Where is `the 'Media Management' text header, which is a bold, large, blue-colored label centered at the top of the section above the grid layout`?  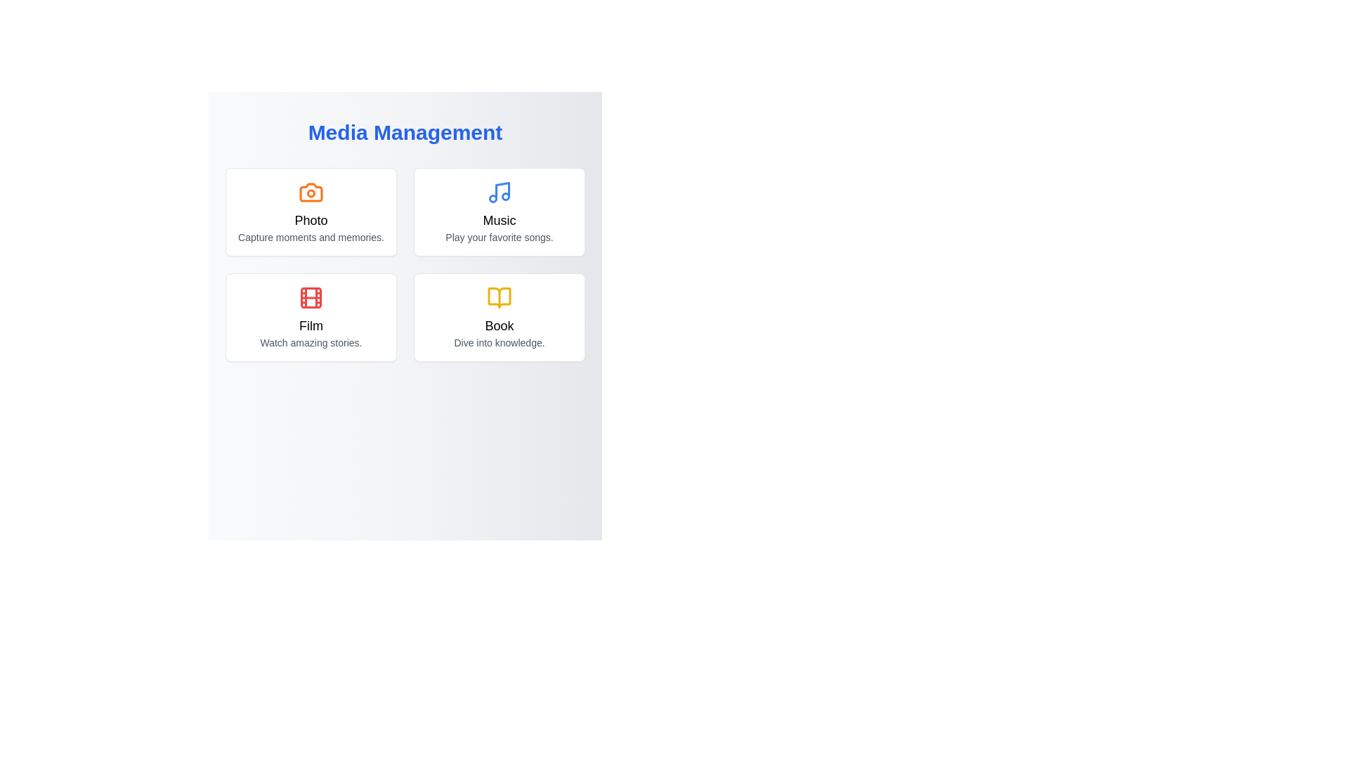 the 'Media Management' text header, which is a bold, large, blue-colored label centered at the top of the section above the grid layout is located at coordinates (404, 138).